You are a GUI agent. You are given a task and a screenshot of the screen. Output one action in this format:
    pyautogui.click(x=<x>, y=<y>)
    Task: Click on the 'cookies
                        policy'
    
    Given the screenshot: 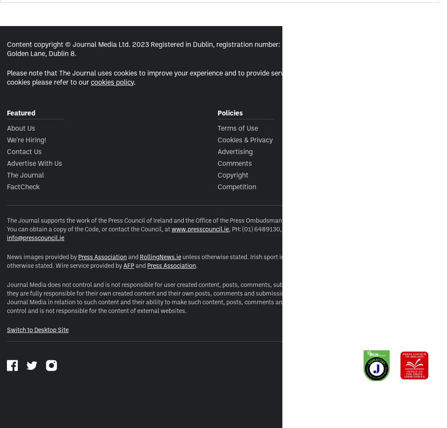 What is the action you would take?
    pyautogui.click(x=112, y=81)
    